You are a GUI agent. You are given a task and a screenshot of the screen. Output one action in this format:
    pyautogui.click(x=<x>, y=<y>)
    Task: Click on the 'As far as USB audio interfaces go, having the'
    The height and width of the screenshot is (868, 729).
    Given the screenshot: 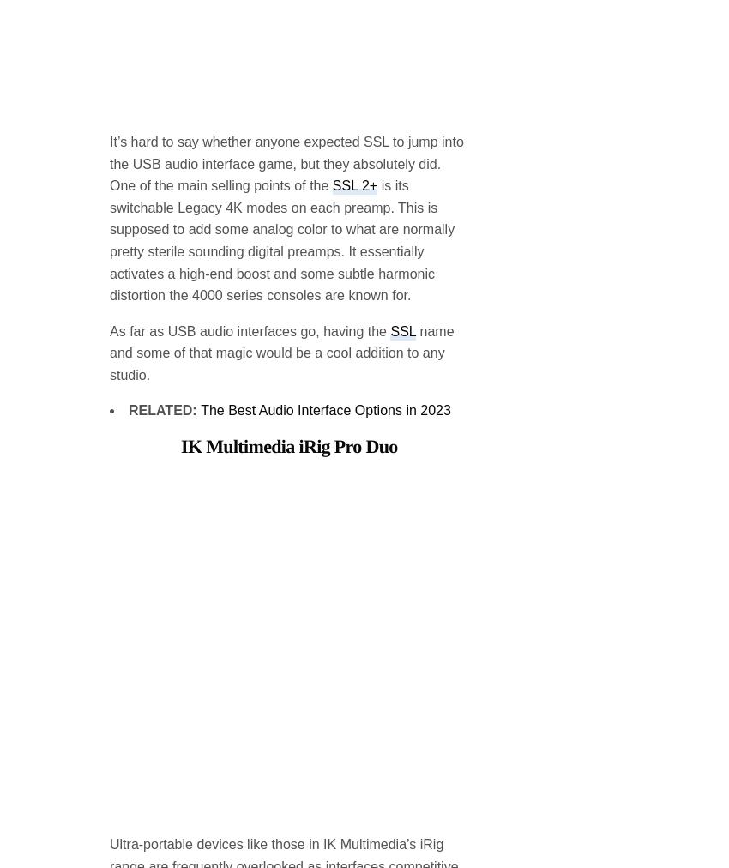 What is the action you would take?
    pyautogui.click(x=249, y=192)
    